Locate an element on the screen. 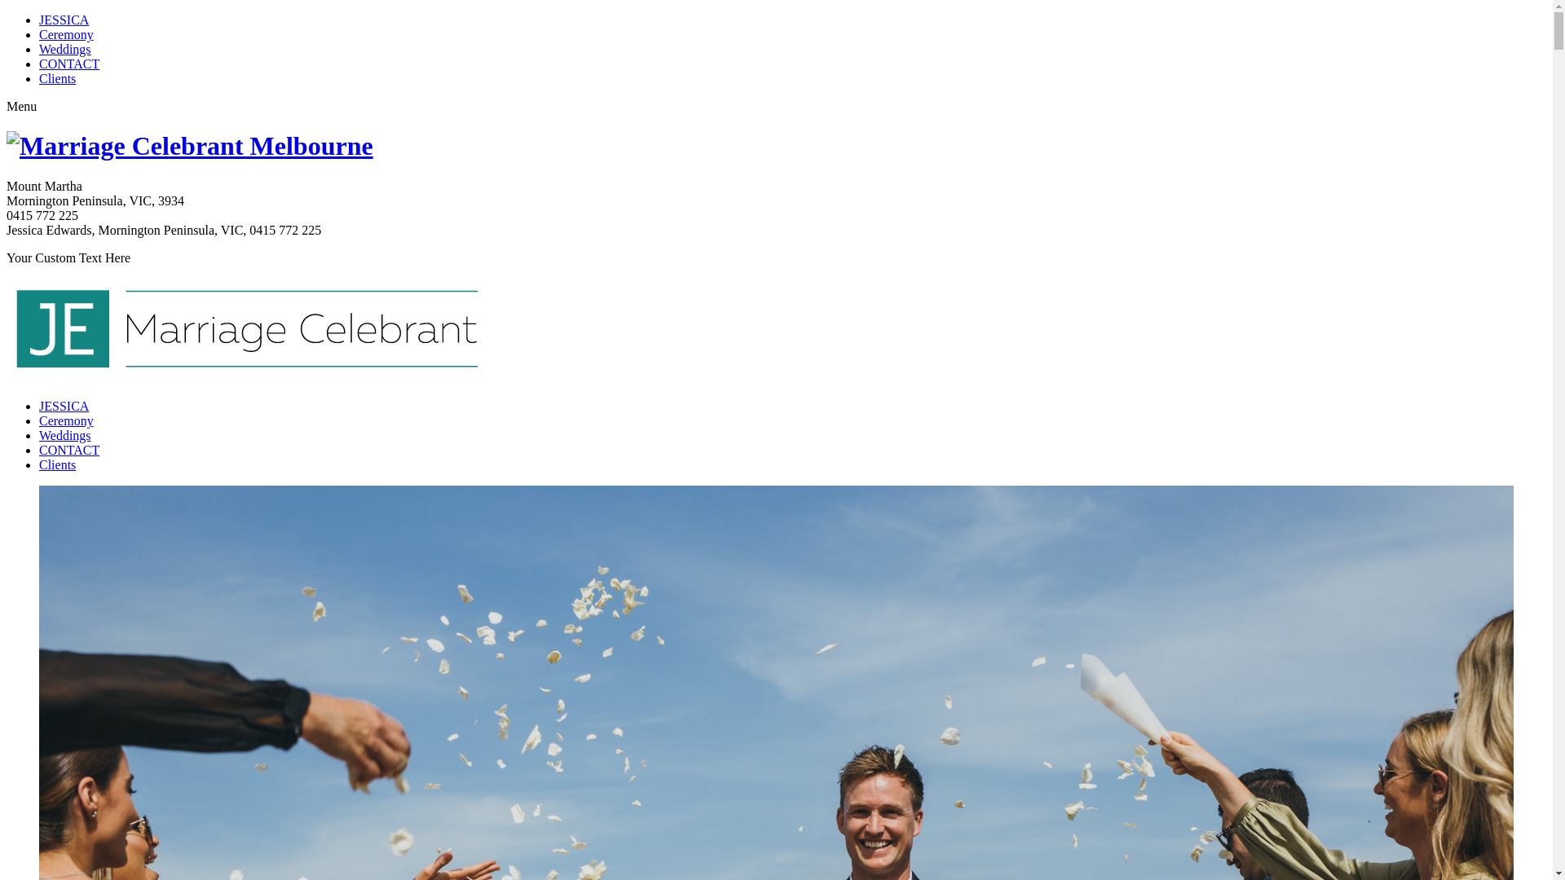 The width and height of the screenshot is (1565, 880). 'Ceremony' is located at coordinates (65, 34).